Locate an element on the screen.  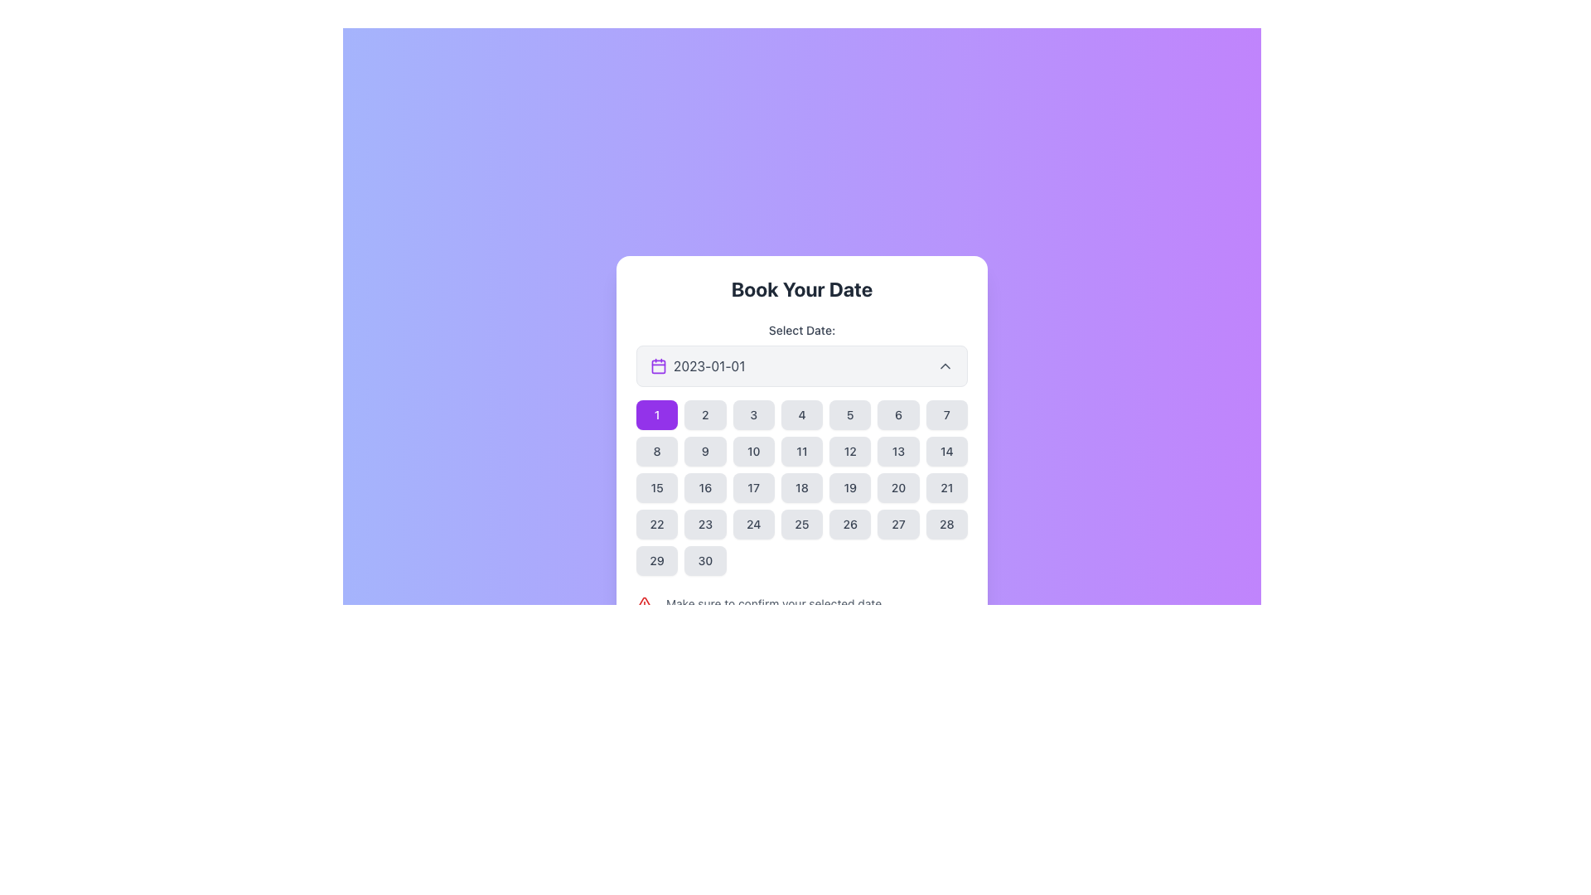
the selectable date option button in the calendar interface is located at coordinates (705, 451).